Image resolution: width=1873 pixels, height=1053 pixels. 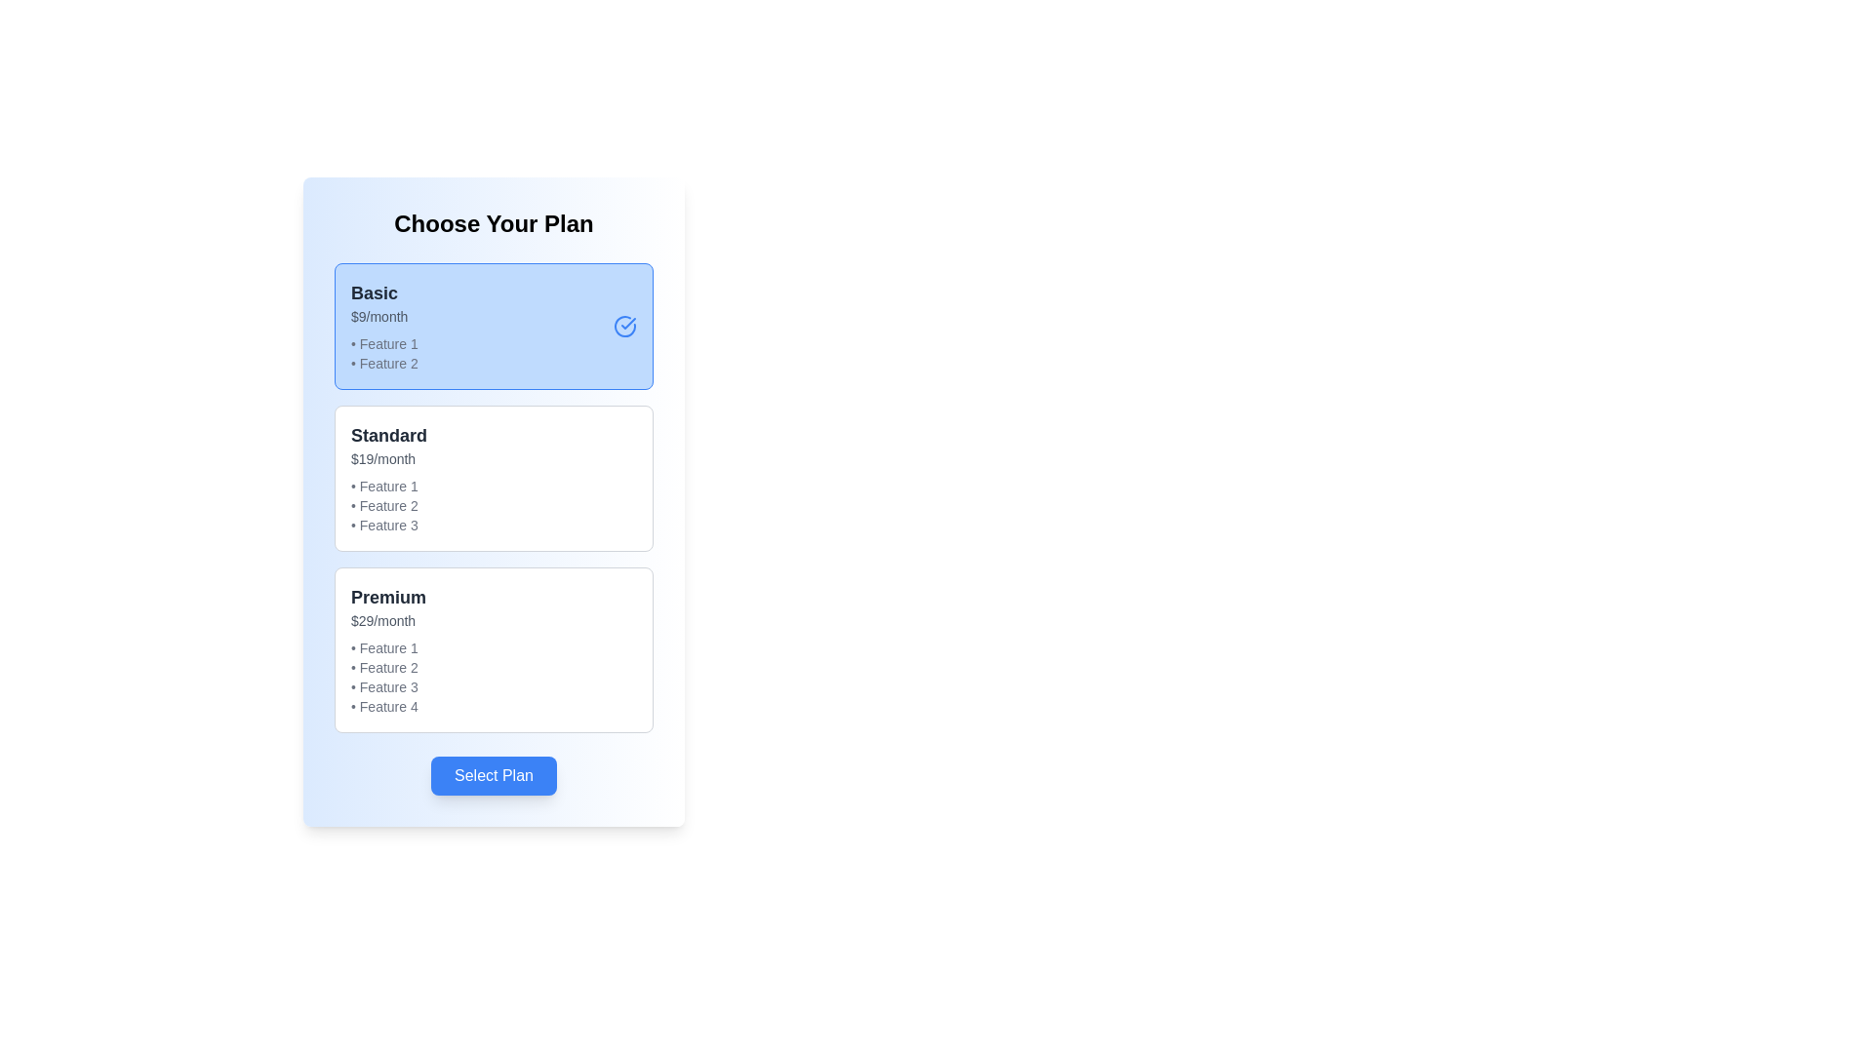 What do you see at coordinates (494, 326) in the screenshot?
I see `the 'Basic' pricing plan selection card, which is the first card in the pricing selection section with a blue background` at bounding box center [494, 326].